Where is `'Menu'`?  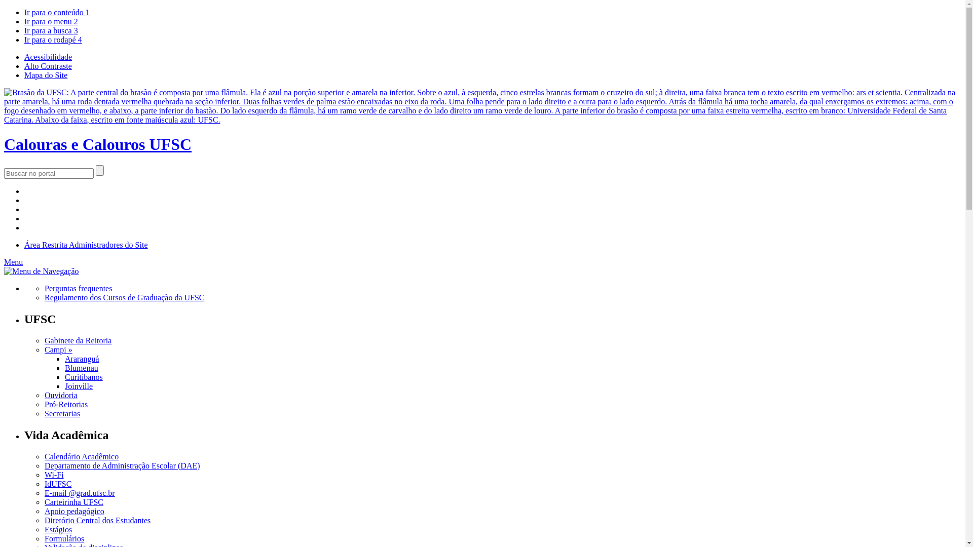
'Menu' is located at coordinates (13, 261).